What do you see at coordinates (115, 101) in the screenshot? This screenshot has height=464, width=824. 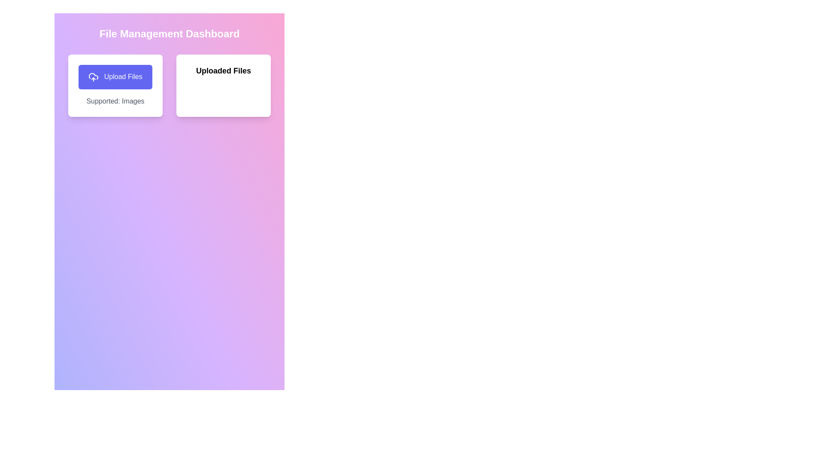 I see `the informational text label indicating support for image uploads, located below the 'Upload Files' button` at bounding box center [115, 101].